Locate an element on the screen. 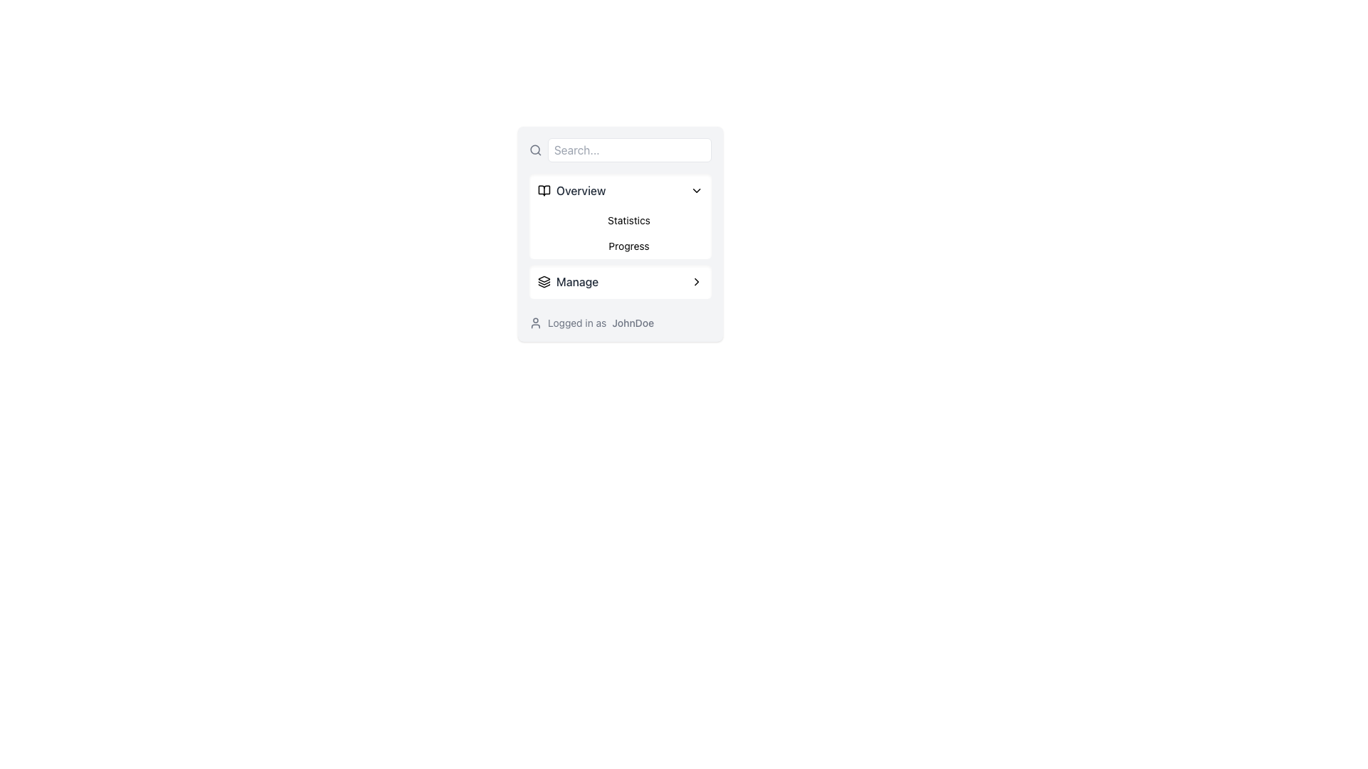 Image resolution: width=1368 pixels, height=769 pixels. the Text Label that serves as a label for a menu or navigation item leading to 'Manage', located under the 'Overview' section, to the right of a layered icon and a directional arrow is located at coordinates (577, 282).